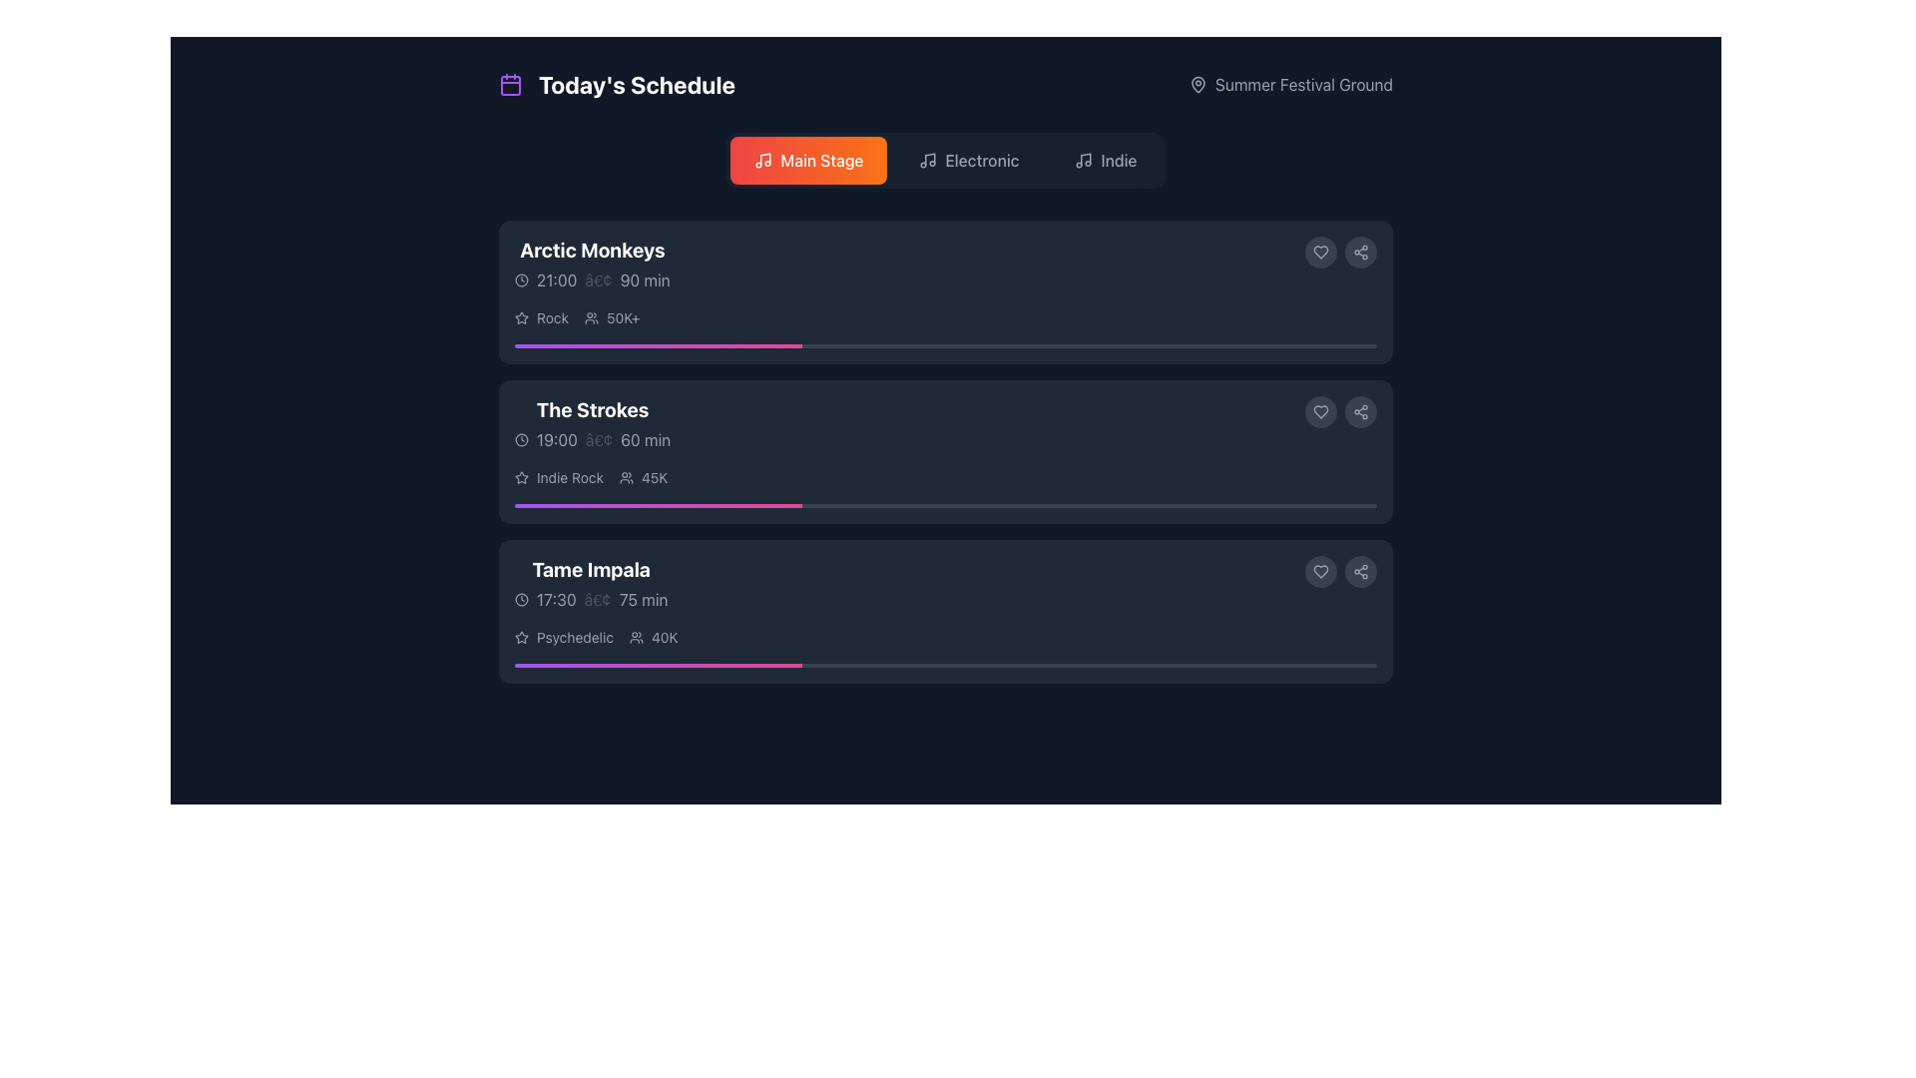 Image resolution: width=1916 pixels, height=1078 pixels. Describe the element at coordinates (1359, 410) in the screenshot. I see `the circular Icon button featuring a sharing icon with three interconnected circles` at that location.